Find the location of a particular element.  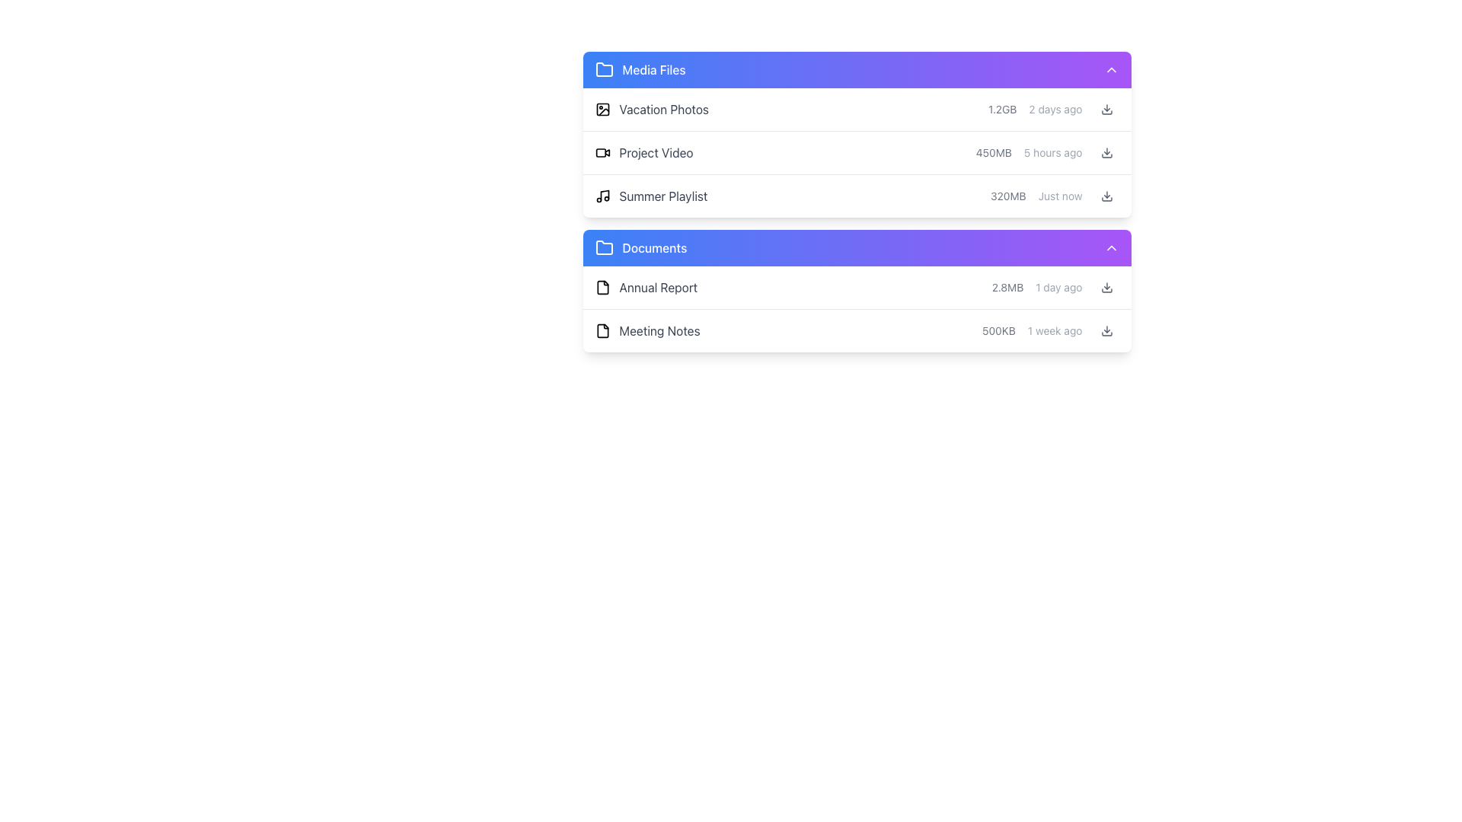

the static text label that conveys temporal information related to an event, located to the right of '2.8MB' is located at coordinates (1058, 288).